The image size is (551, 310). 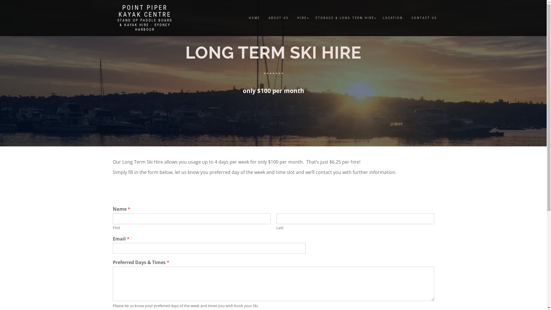 What do you see at coordinates (378, 18) in the screenshot?
I see `'LOCATION'` at bounding box center [378, 18].